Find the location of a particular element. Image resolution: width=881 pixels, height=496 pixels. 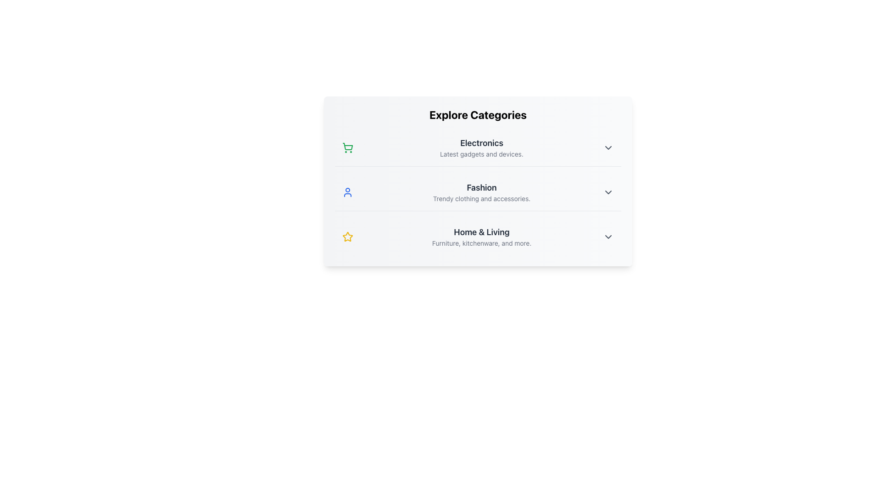

the 'Fashion' category label in the 'Explore Categories' section, which serves as a visual anchor for users browsing this category is located at coordinates (481, 187).